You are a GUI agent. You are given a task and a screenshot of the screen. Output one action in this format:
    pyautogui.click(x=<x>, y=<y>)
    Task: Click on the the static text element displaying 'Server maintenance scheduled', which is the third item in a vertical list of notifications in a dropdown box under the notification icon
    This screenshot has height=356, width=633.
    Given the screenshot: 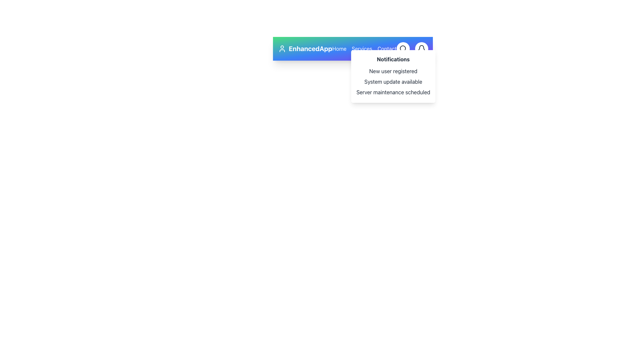 What is the action you would take?
    pyautogui.click(x=393, y=92)
    